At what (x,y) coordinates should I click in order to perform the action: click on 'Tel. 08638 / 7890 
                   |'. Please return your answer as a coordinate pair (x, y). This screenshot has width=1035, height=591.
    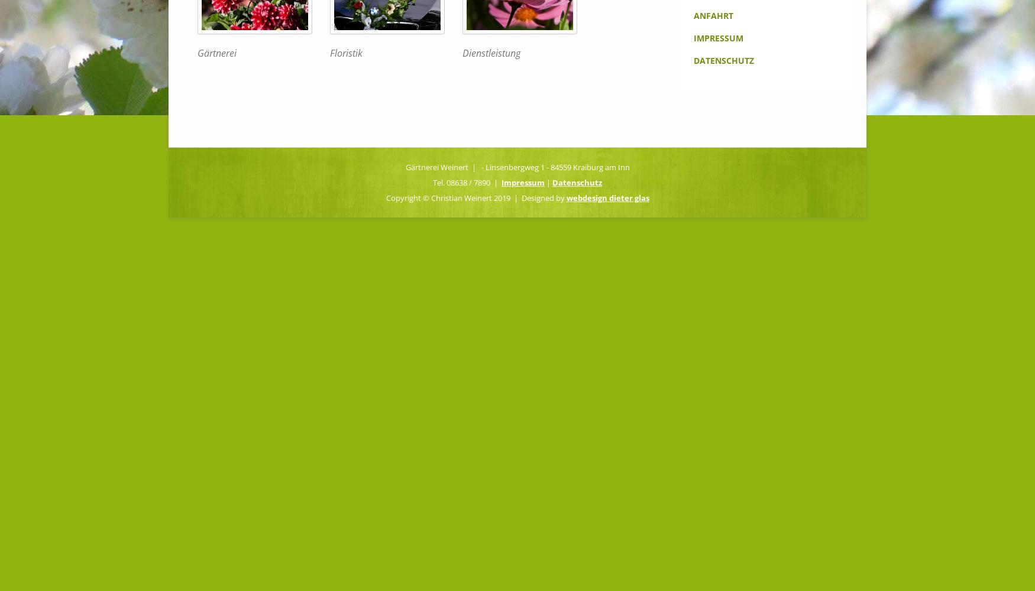
    Looking at the image, I should click on (466, 182).